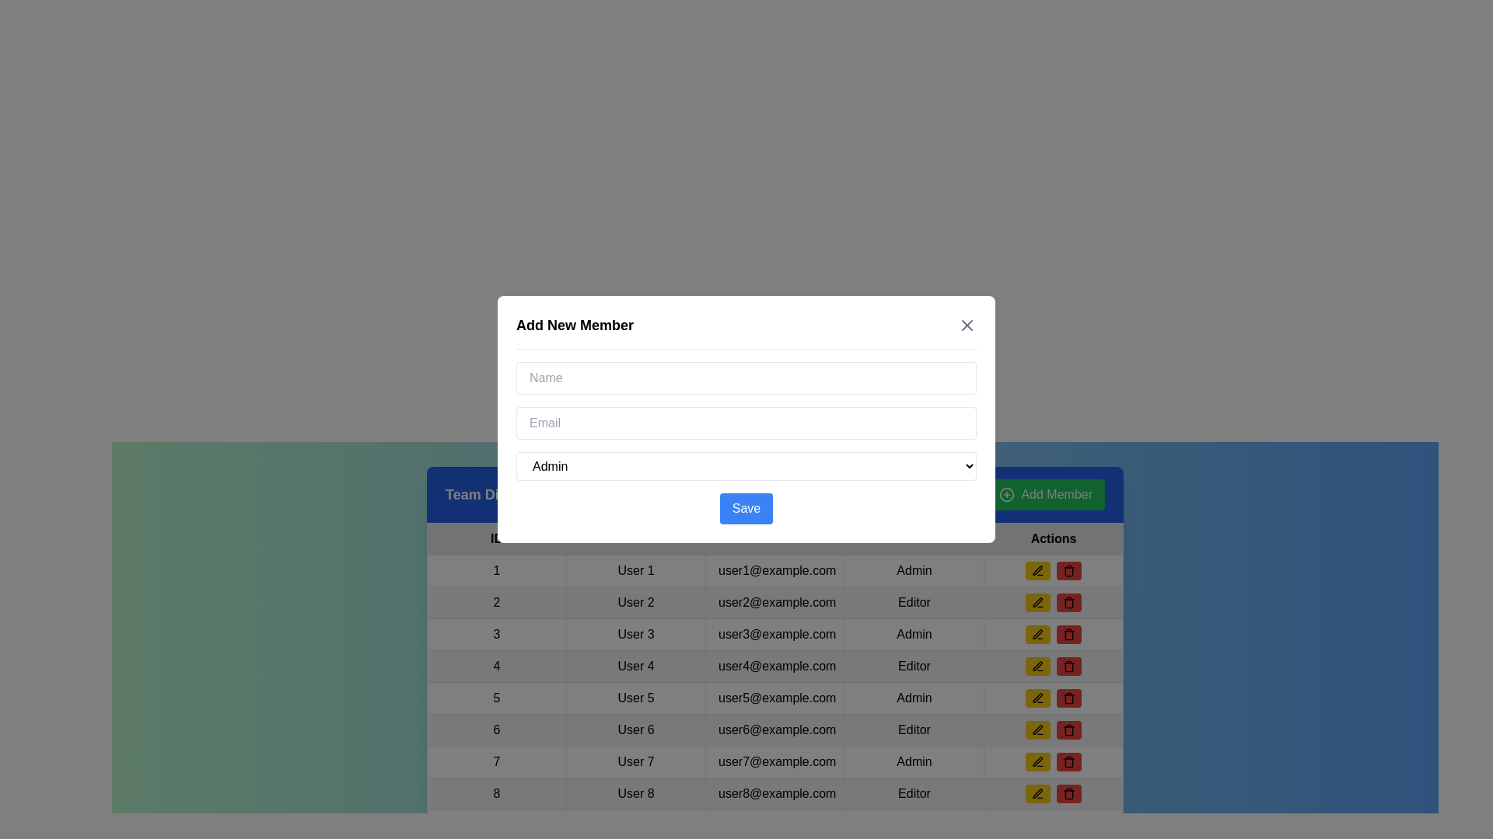 This screenshot has width=1493, height=839. I want to click on the fifth TableRow displaying user information, so click(775, 697).